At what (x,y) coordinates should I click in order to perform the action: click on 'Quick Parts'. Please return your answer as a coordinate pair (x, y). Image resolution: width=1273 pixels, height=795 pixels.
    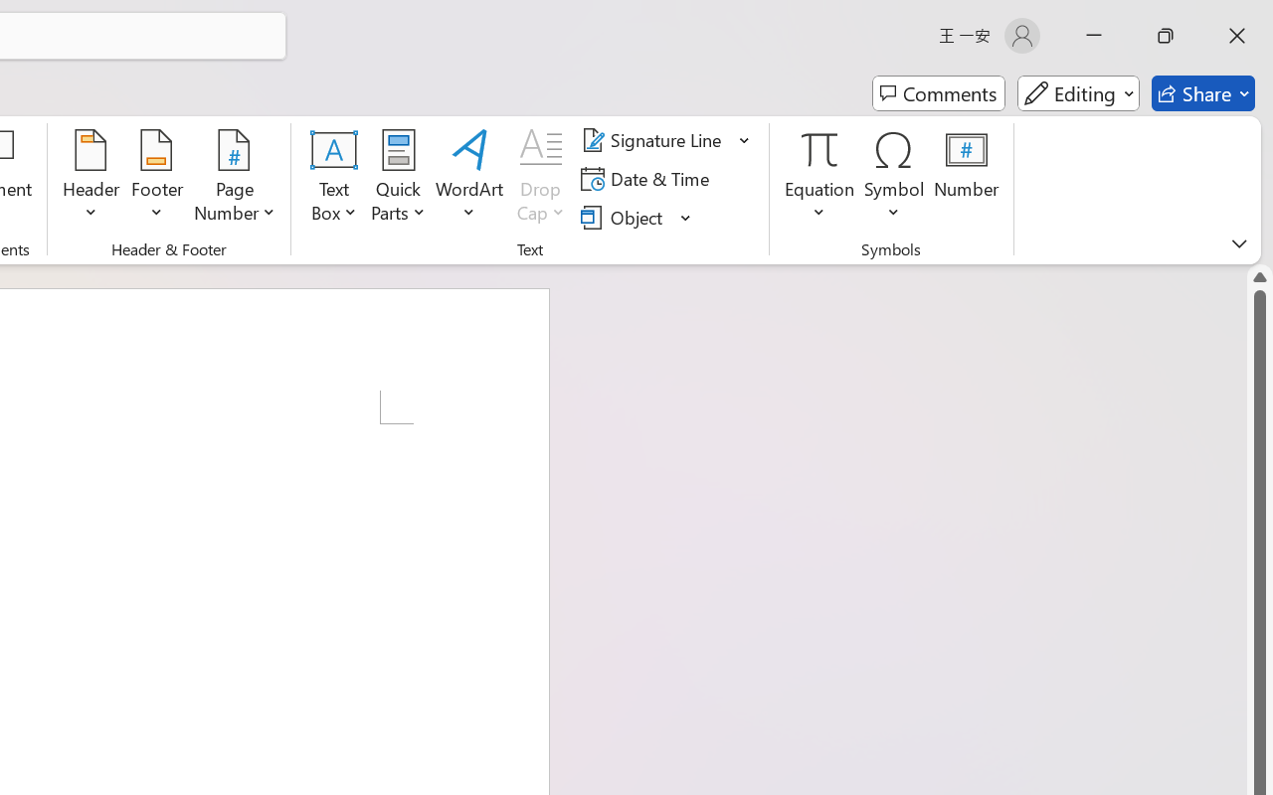
    Looking at the image, I should click on (398, 178).